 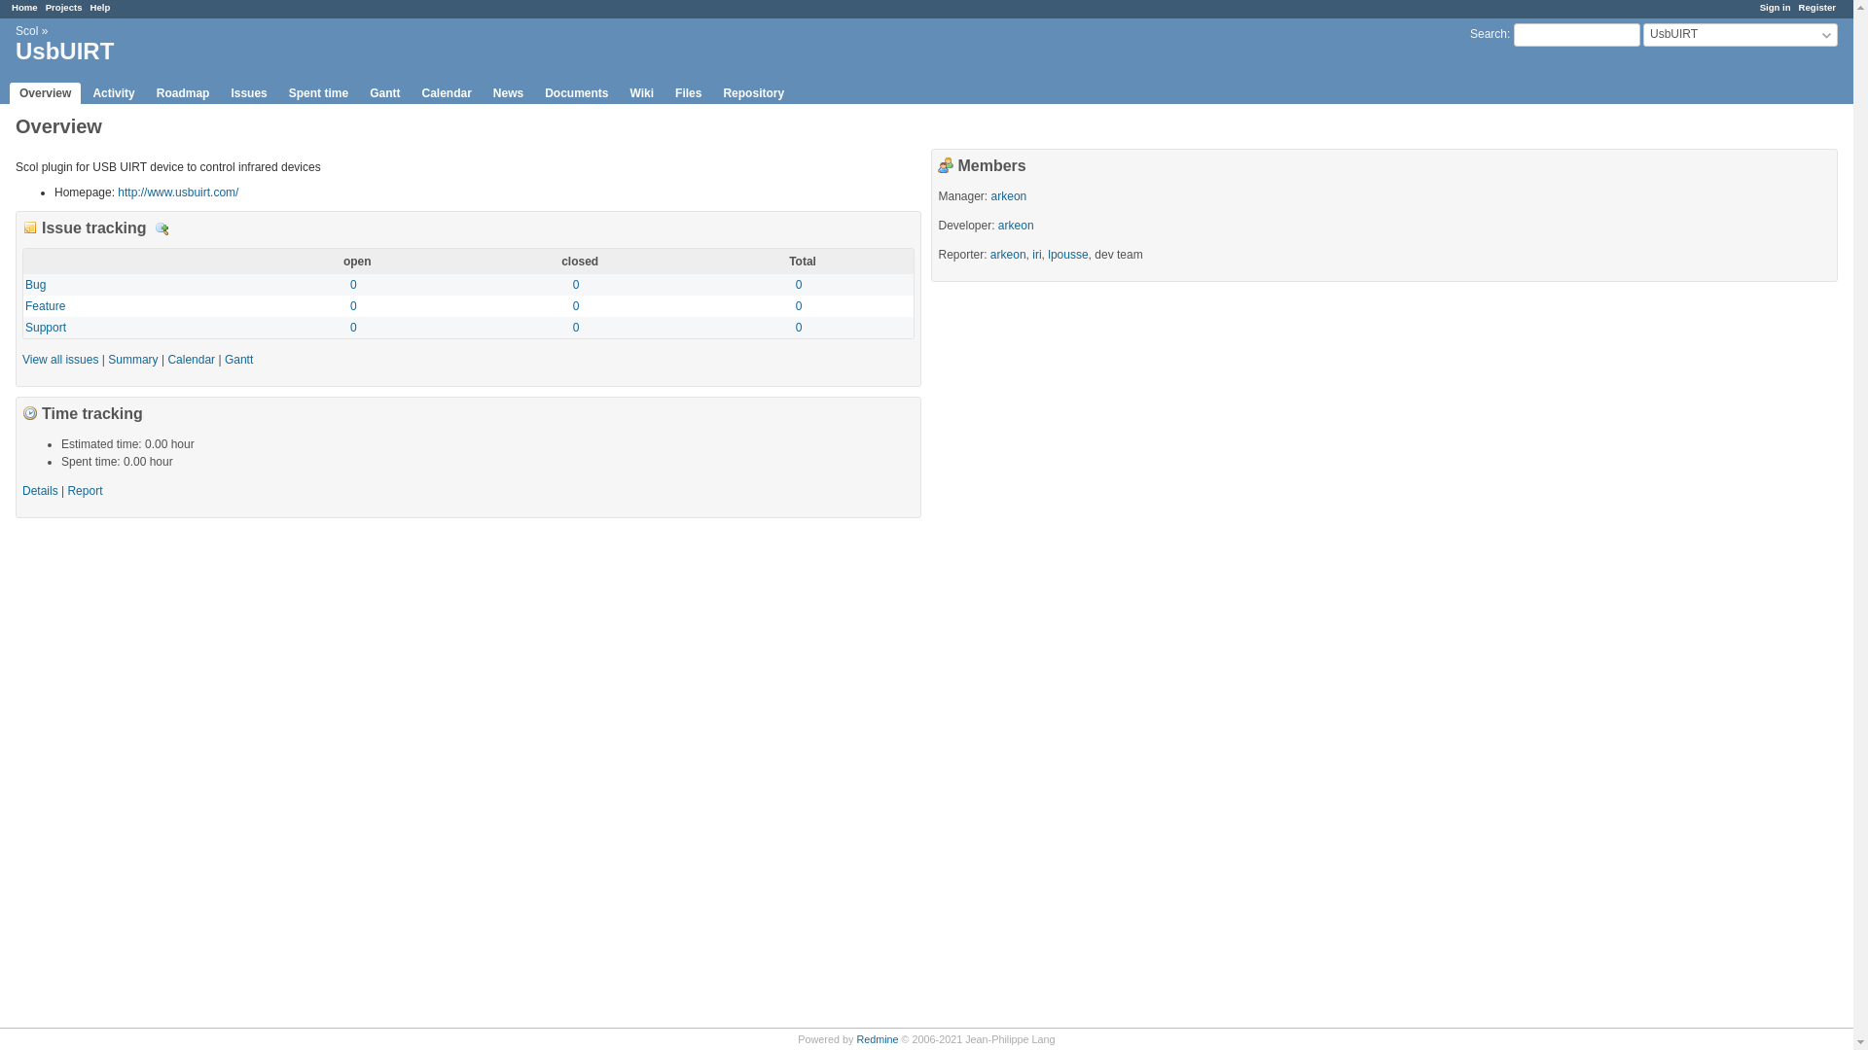 I want to click on 'Home', so click(x=24, y=7).